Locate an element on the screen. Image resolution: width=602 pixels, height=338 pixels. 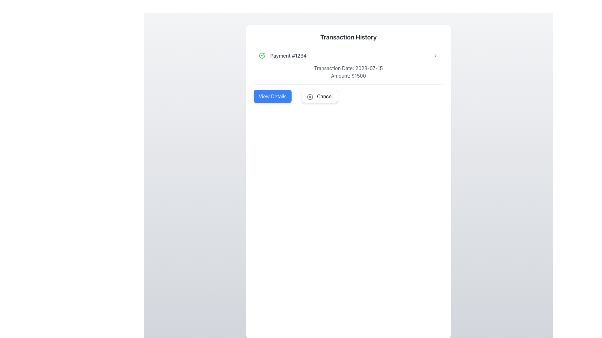
the circular icon within the 'Cancel' button that features a small red icon and an 'X' shape, located to the right of the 'View Details' button is located at coordinates (310, 97).